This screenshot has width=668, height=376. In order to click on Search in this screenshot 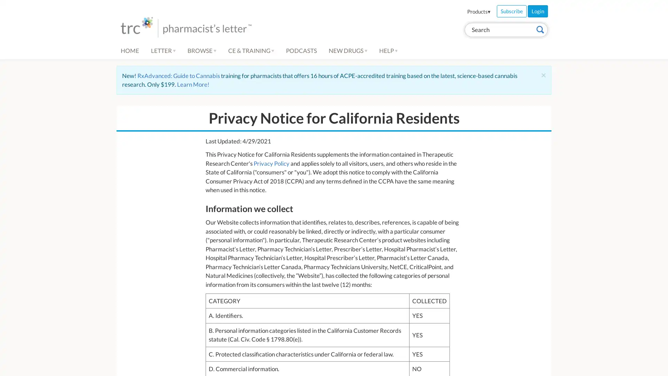, I will do `click(540, 29)`.